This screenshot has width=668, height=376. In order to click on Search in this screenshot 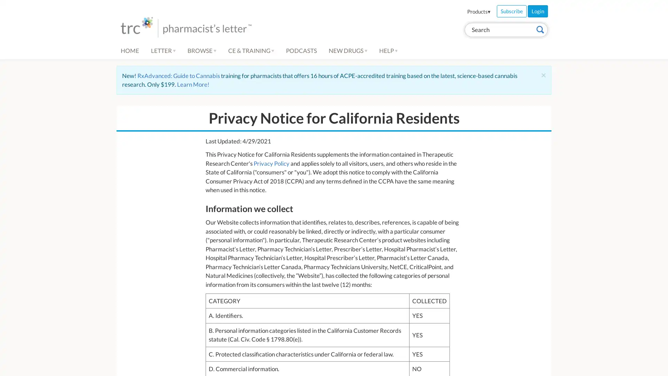, I will do `click(540, 29)`.